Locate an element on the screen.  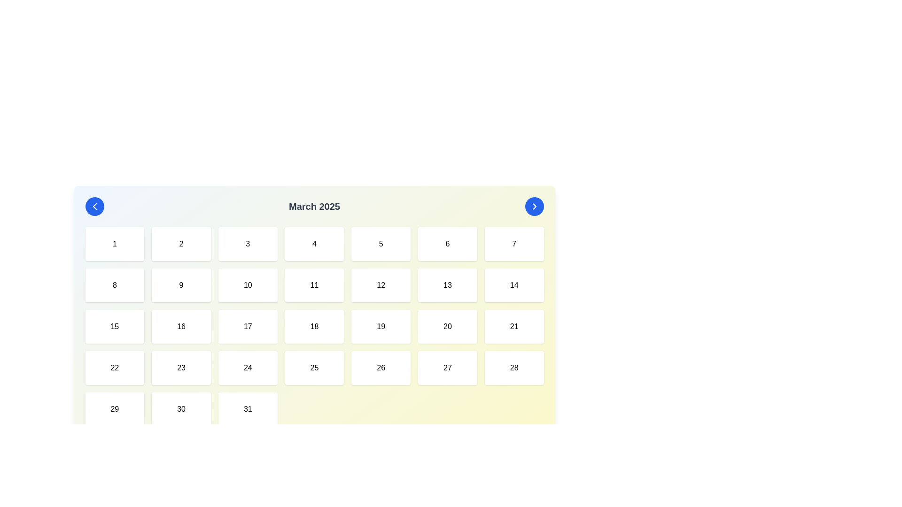
the button-like grid cell displaying the number '9' which is styled with rounded corners and a shadow effect, located in the second row and second column of the grid layout is located at coordinates (181, 285).